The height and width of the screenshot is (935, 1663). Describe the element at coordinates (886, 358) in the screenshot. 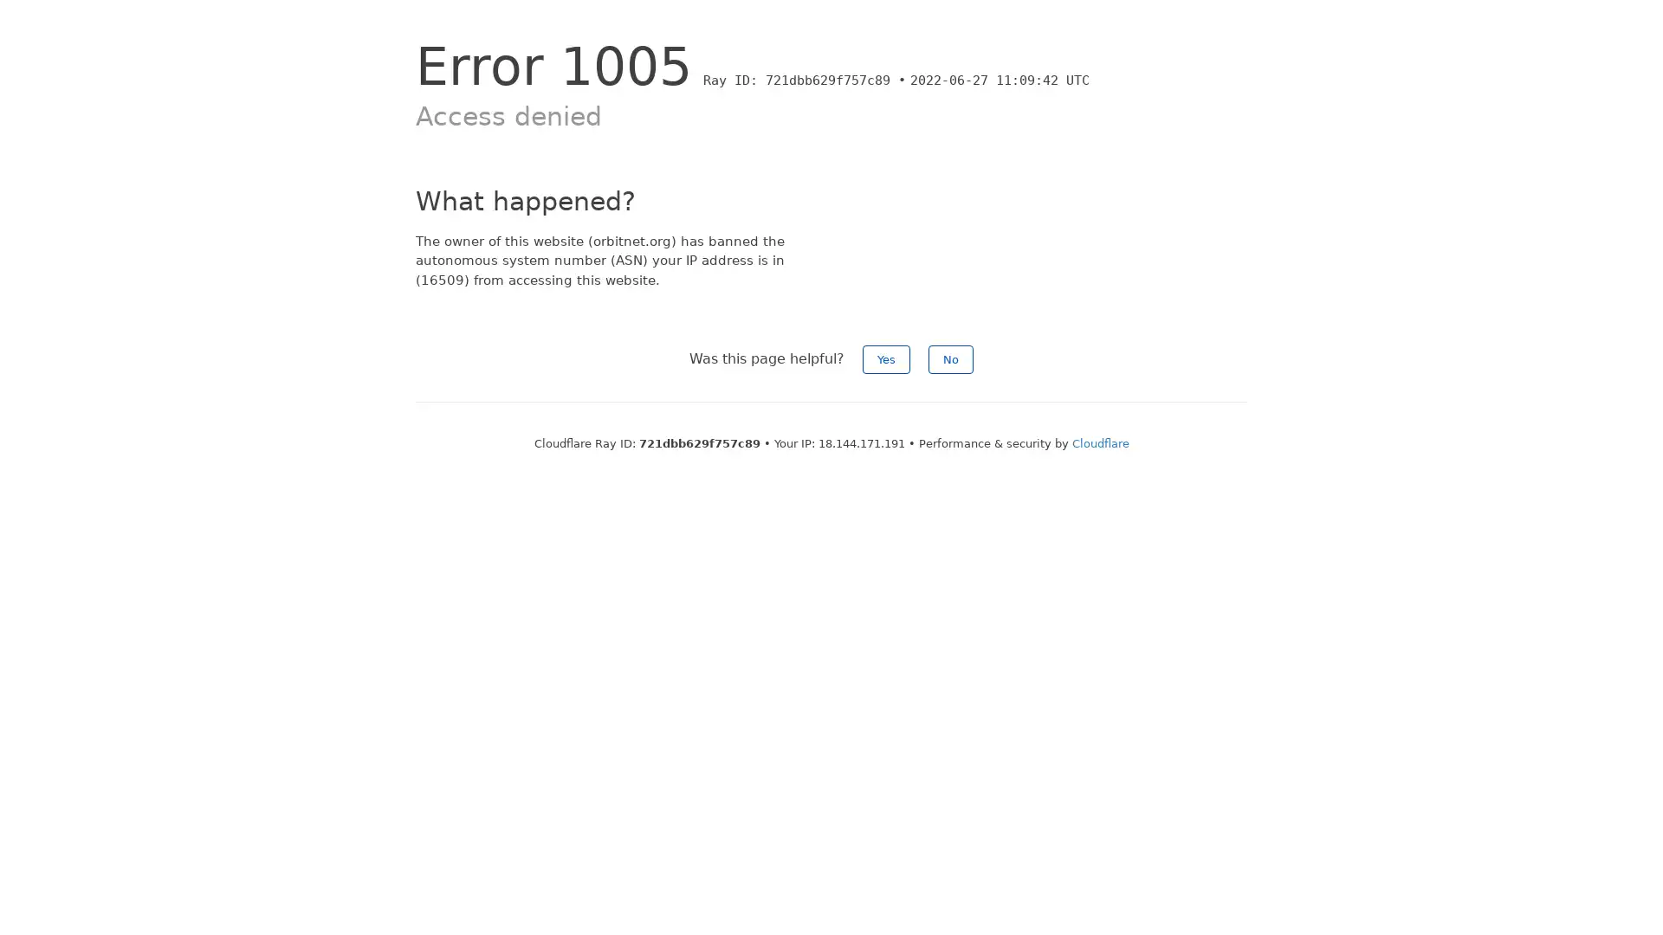

I see `Yes` at that location.